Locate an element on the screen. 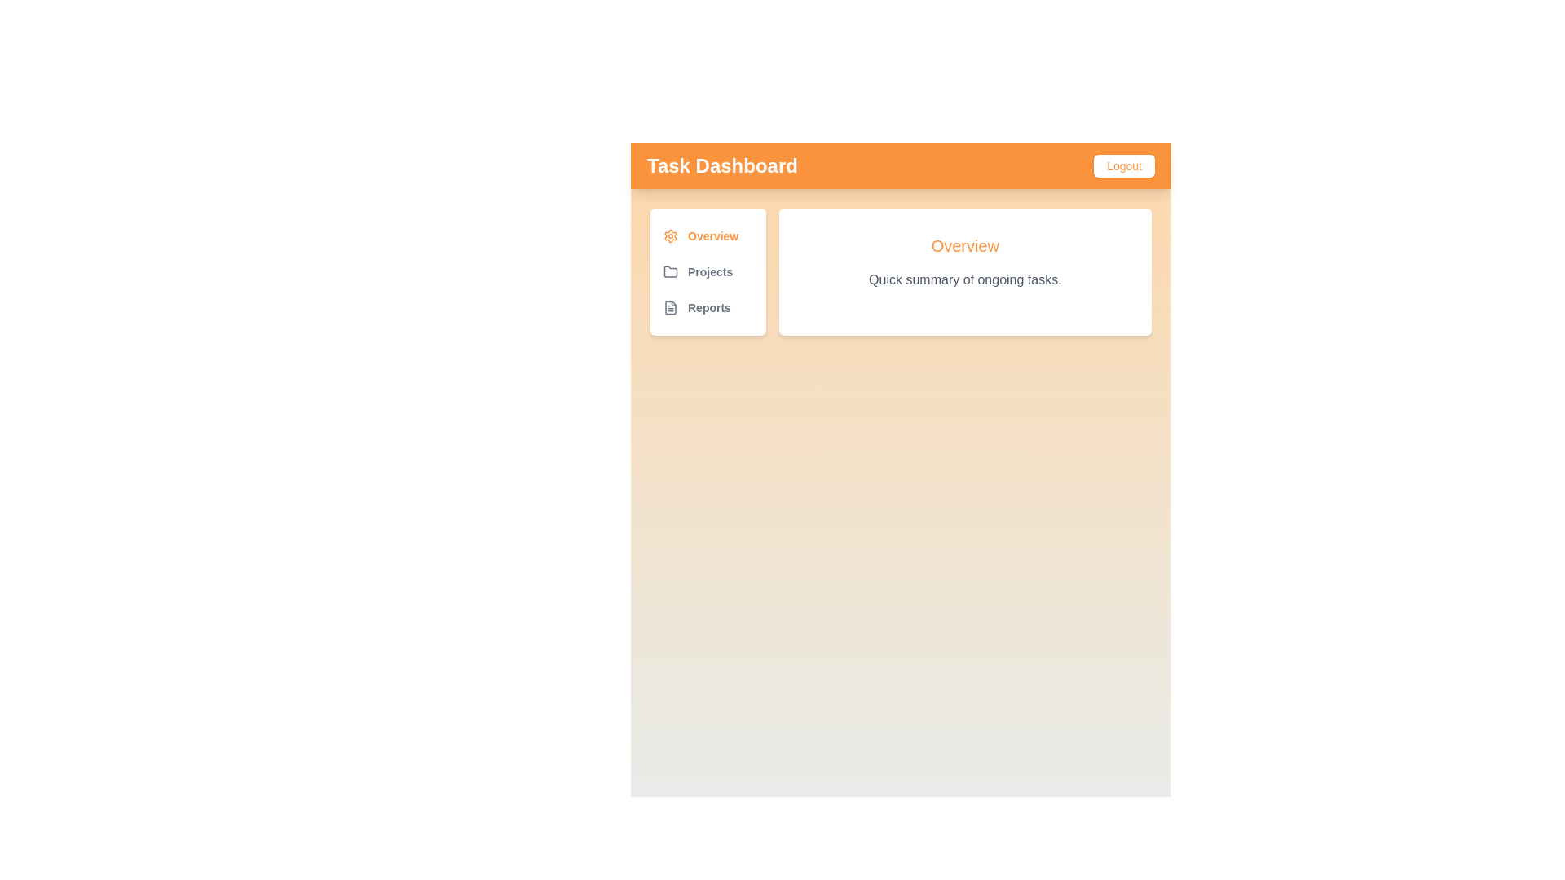 Image resolution: width=1565 pixels, height=880 pixels. the 'Logout' button located at the top right corner of the interface, which has a white background and orange text is located at coordinates (1123, 166).